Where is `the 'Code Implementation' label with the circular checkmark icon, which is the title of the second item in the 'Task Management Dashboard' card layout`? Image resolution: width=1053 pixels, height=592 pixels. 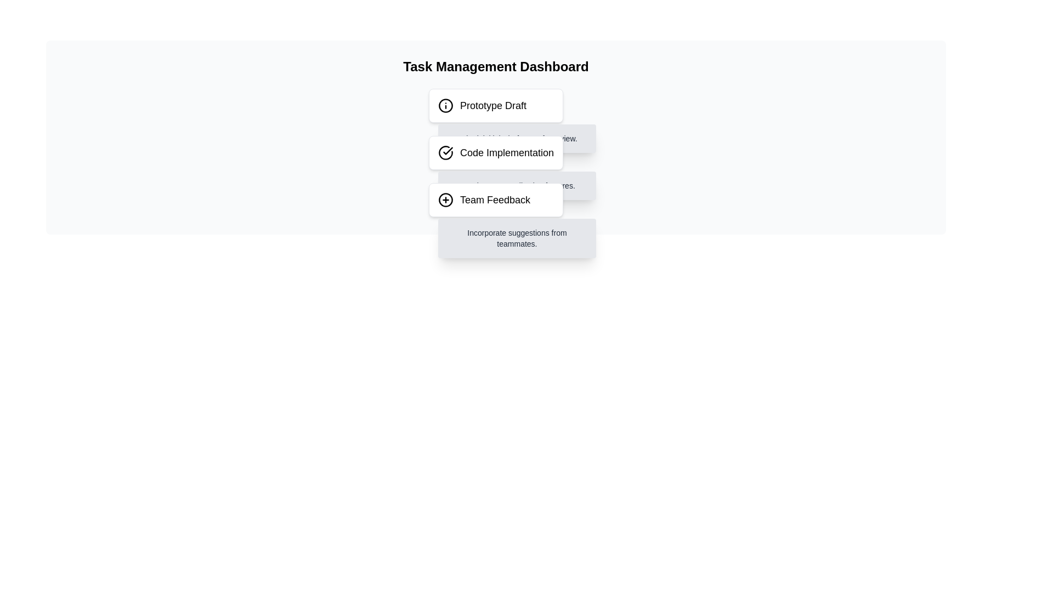 the 'Code Implementation' label with the circular checkmark icon, which is the title of the second item in the 'Task Management Dashboard' card layout is located at coordinates (495, 152).